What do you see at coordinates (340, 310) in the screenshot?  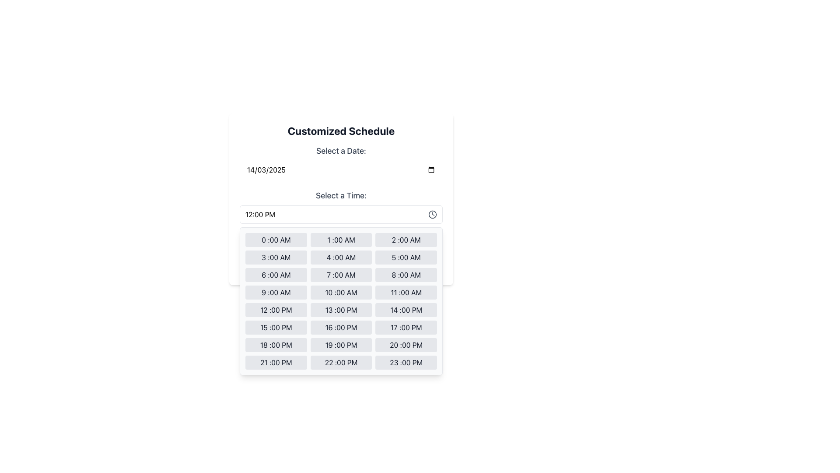 I see `the rectangular button with a light gray background and bold black text displaying '13 :00 PM'` at bounding box center [340, 310].